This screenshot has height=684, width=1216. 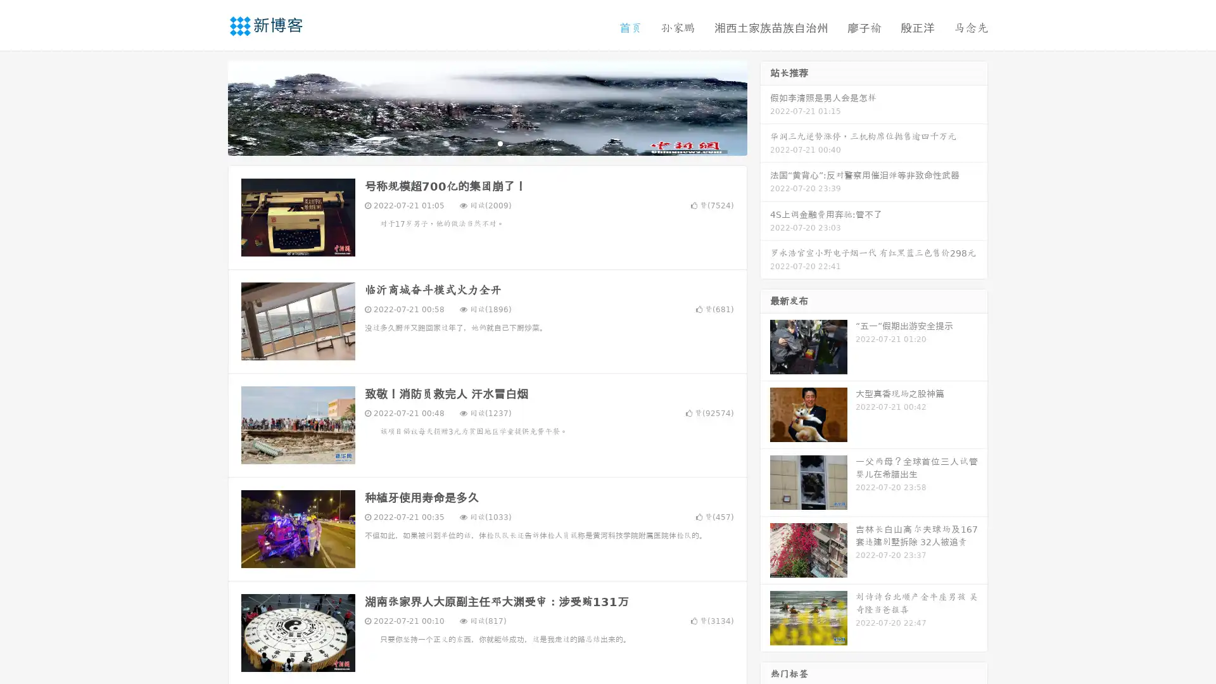 What do you see at coordinates (474, 142) in the screenshot?
I see `Go to slide 1` at bounding box center [474, 142].